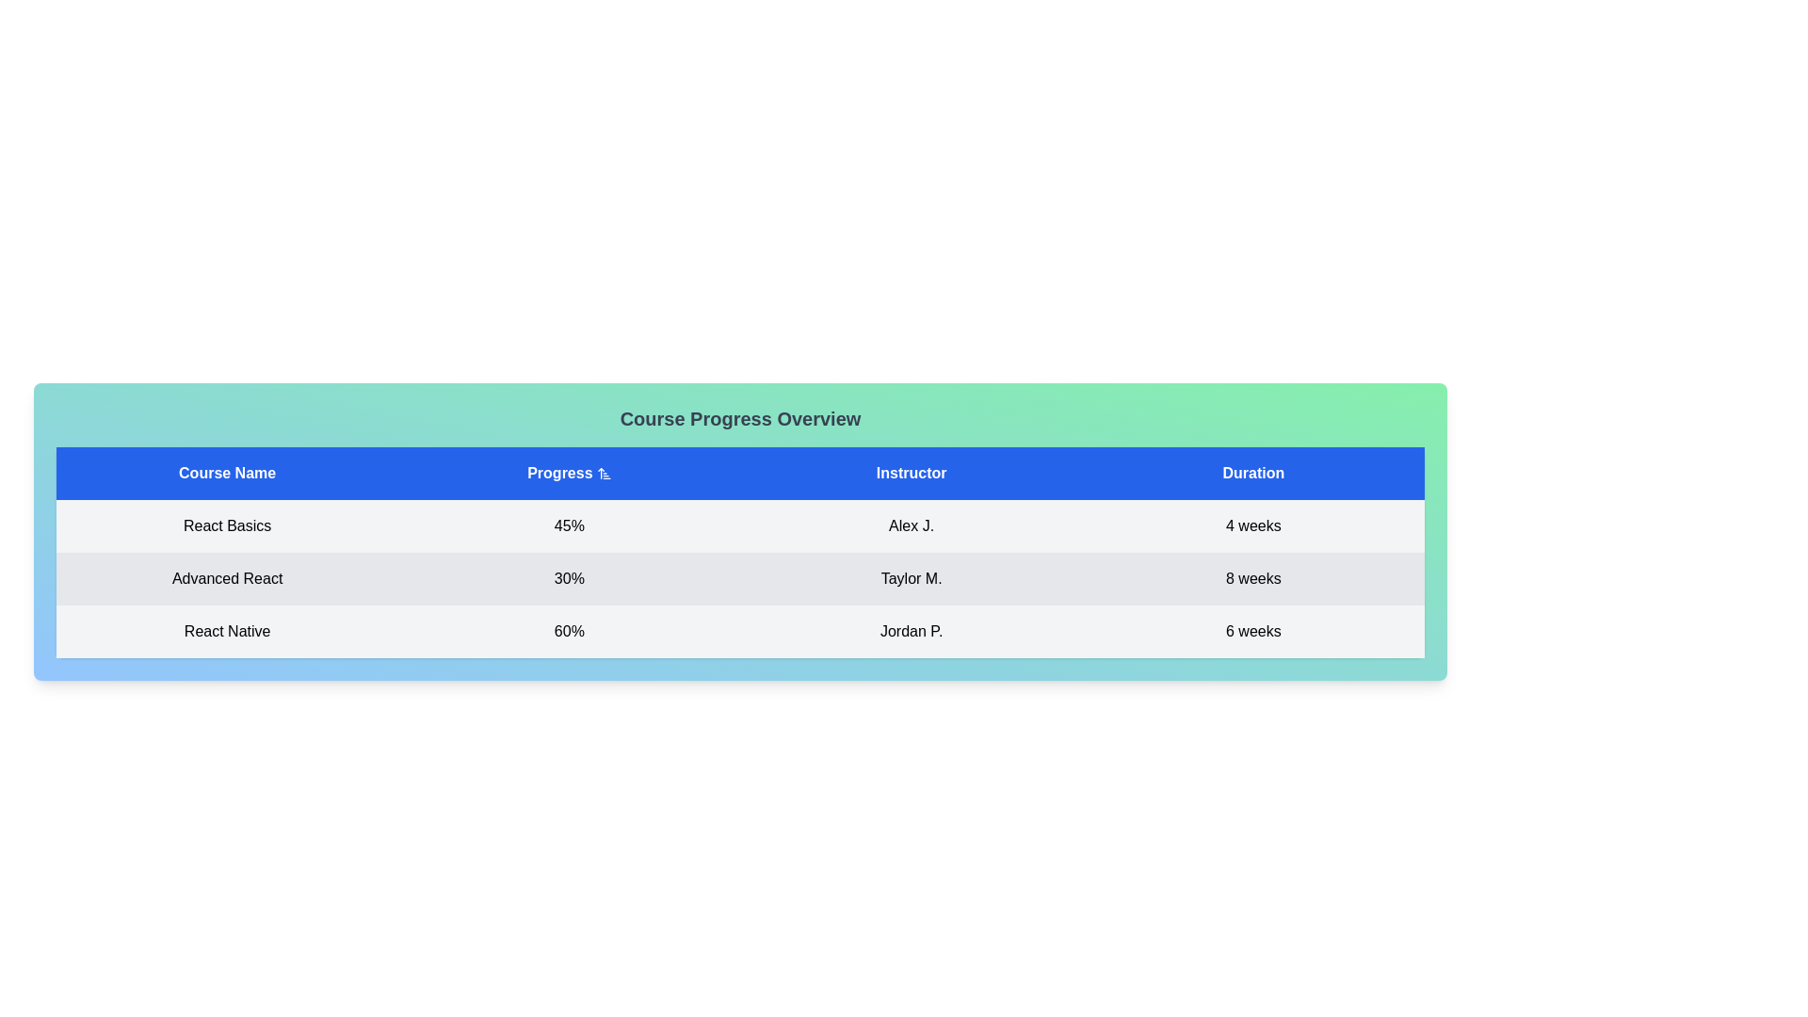 This screenshot has height=1017, width=1808. What do you see at coordinates (568, 632) in the screenshot?
I see `the progress percentage text field indicating '60%' for the 'React Native' course located in the second column of the third row of the table` at bounding box center [568, 632].